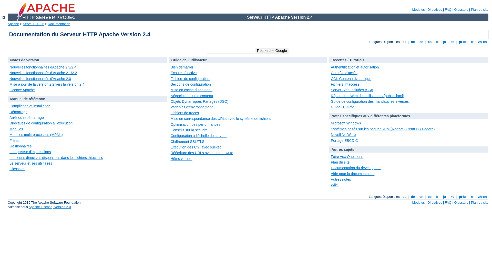 The width and height of the screenshot is (492, 276). Describe the element at coordinates (189, 60) in the screenshot. I see `'Guide de l'utilisateur'` at that location.